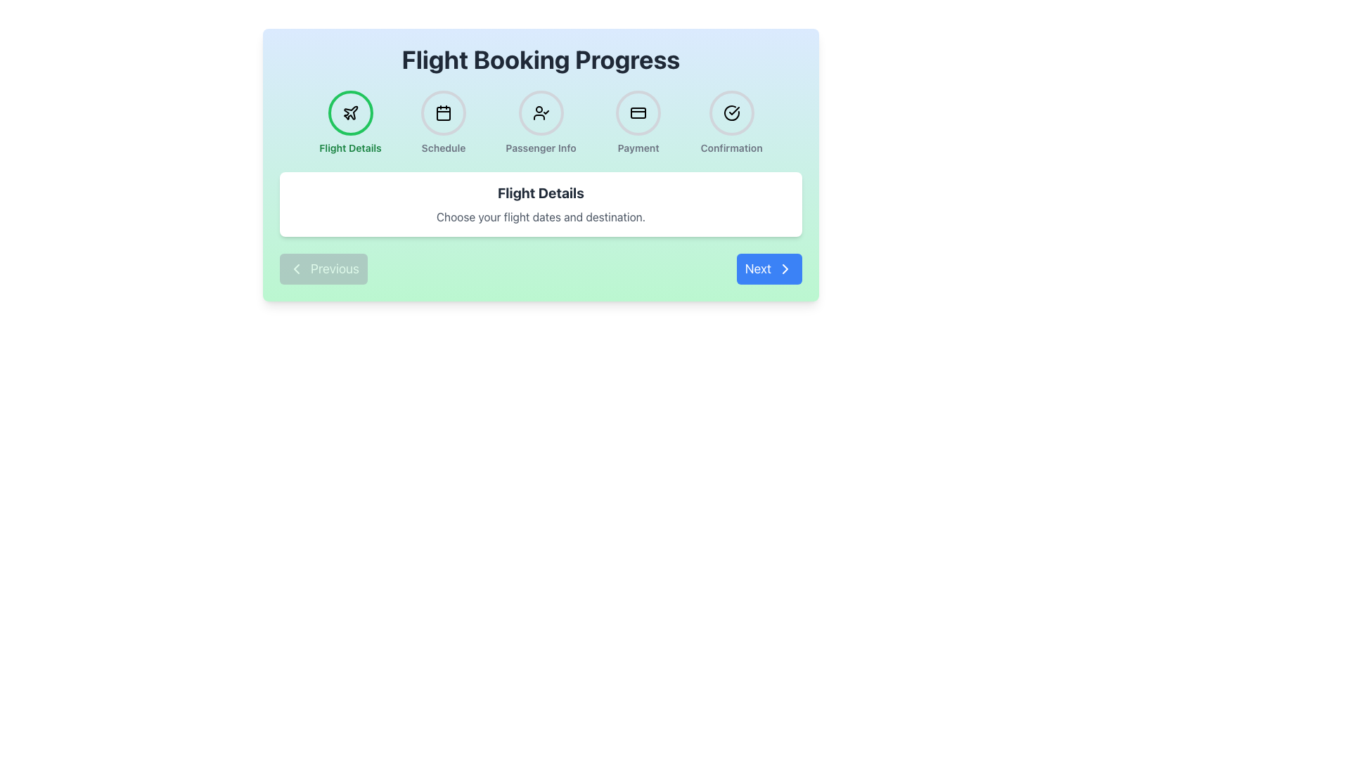 This screenshot has width=1350, height=759. Describe the element at coordinates (540, 112) in the screenshot. I see `the circular button with an icon for the 'Passenger Info' section` at that location.